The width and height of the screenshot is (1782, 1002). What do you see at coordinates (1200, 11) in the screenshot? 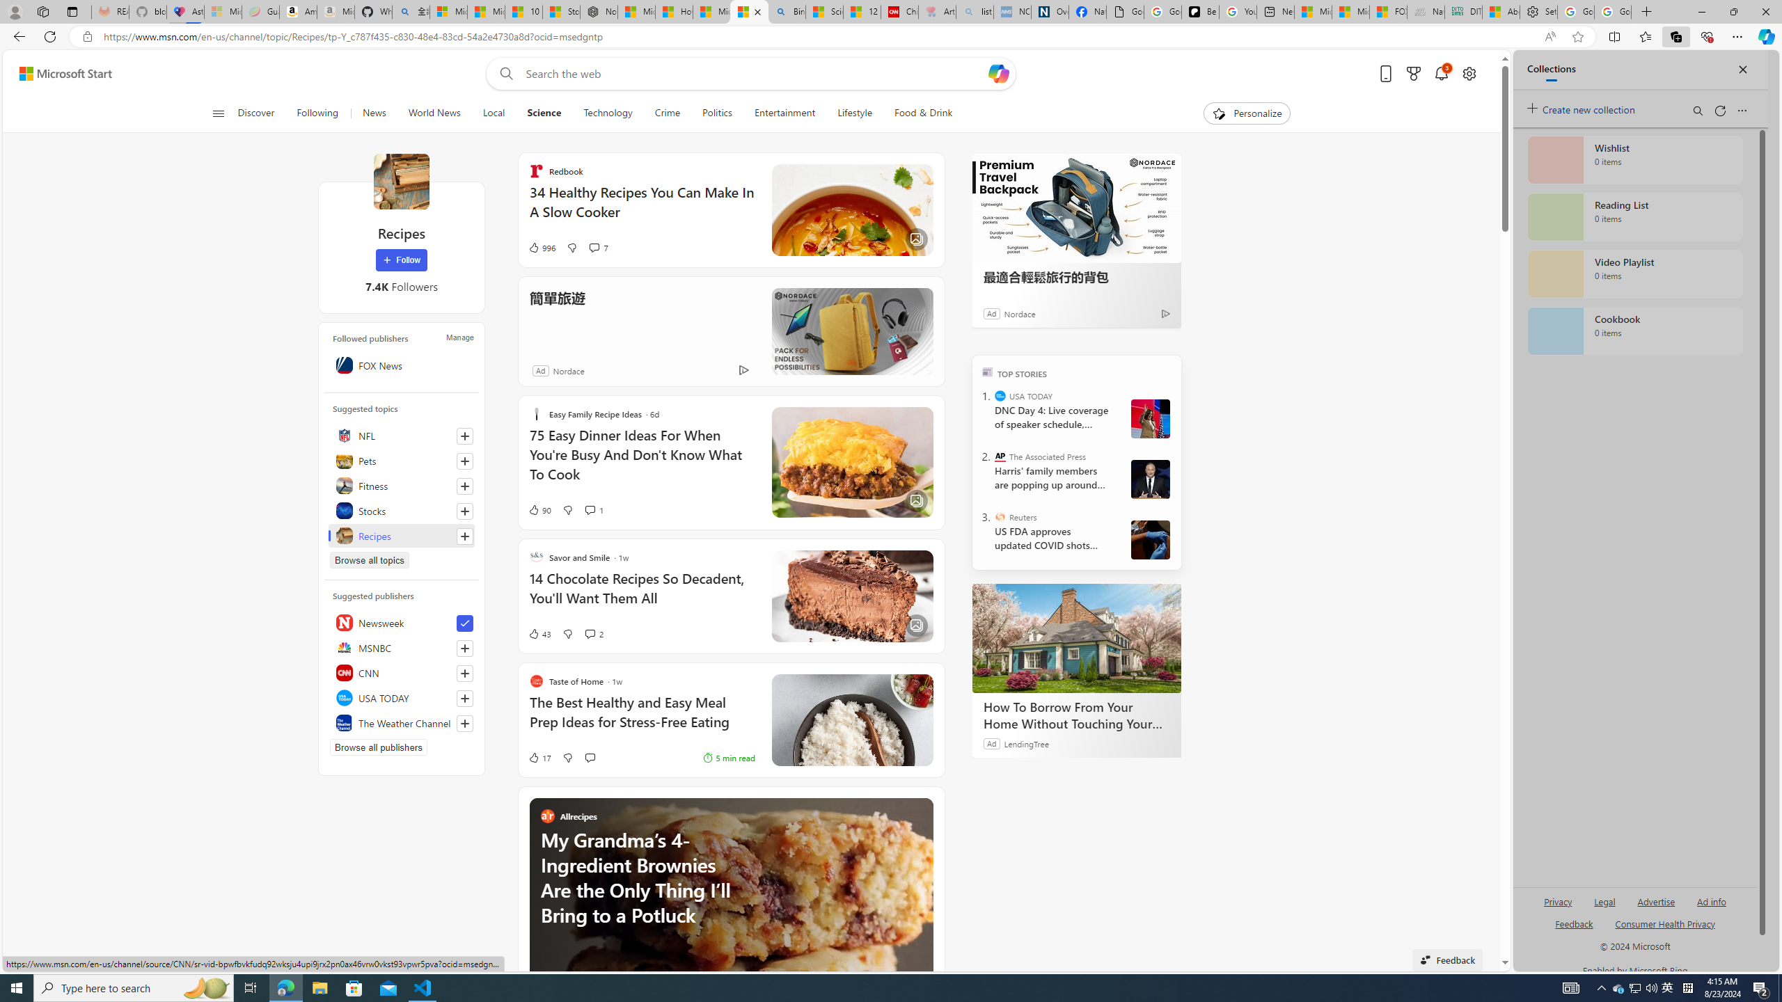
I see `'Be Smart | creating Science videos | Patreon'` at bounding box center [1200, 11].